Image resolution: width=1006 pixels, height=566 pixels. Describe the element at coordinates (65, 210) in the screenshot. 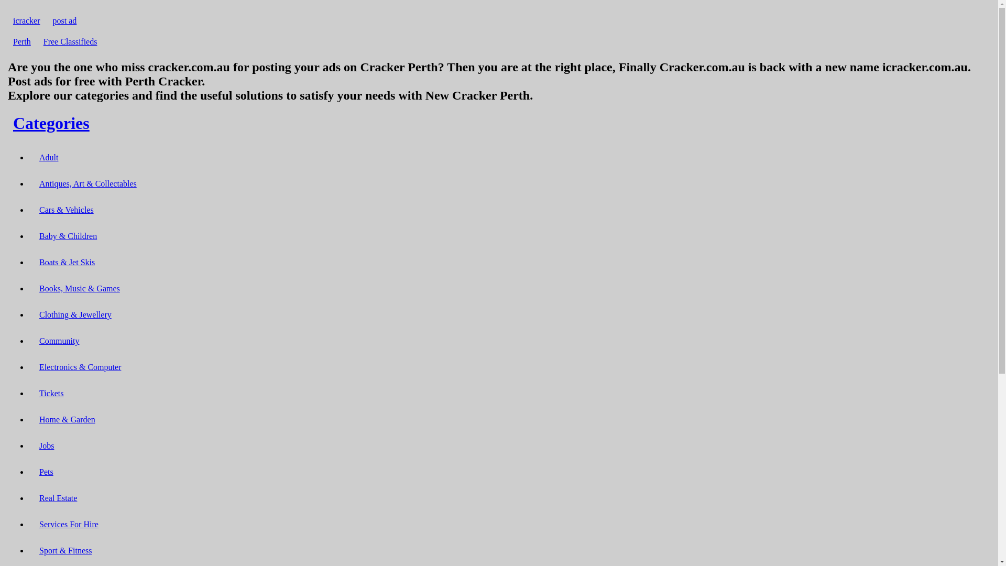

I see `'Cars & Vehicles'` at that location.